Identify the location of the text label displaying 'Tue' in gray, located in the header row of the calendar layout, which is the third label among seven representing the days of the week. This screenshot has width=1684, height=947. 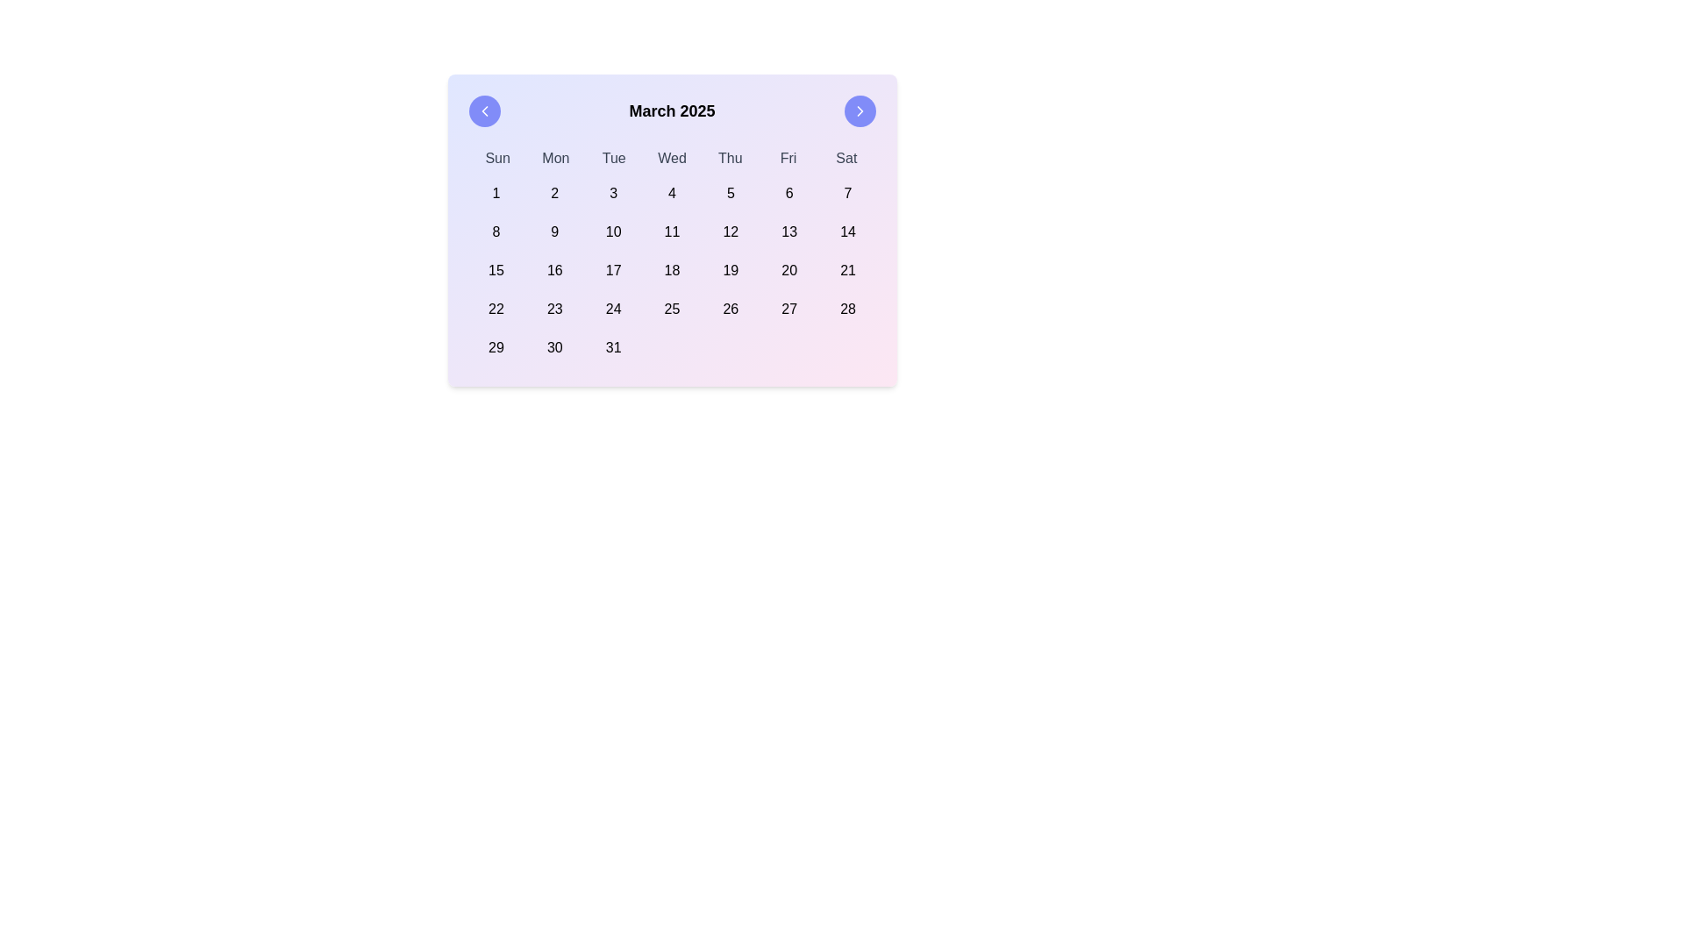
(614, 159).